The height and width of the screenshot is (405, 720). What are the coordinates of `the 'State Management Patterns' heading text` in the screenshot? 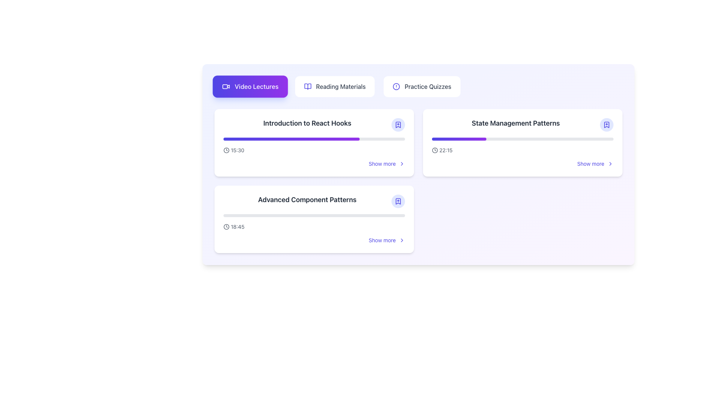 It's located at (522, 124).